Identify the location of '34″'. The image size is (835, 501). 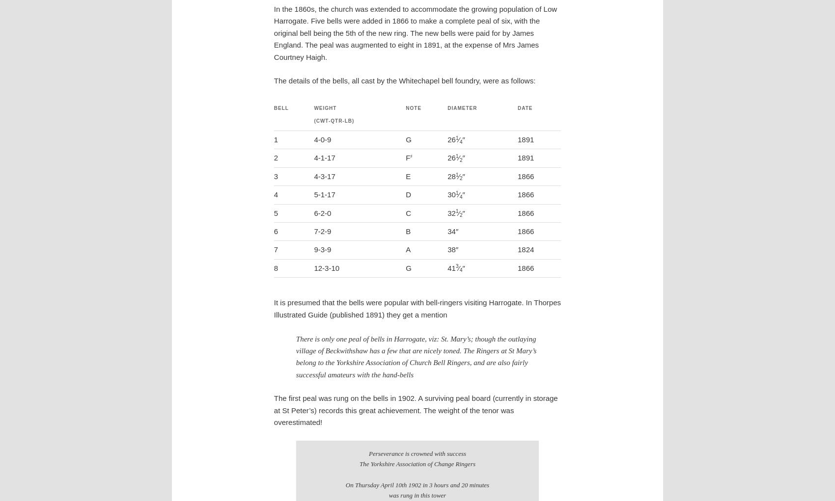
(453, 231).